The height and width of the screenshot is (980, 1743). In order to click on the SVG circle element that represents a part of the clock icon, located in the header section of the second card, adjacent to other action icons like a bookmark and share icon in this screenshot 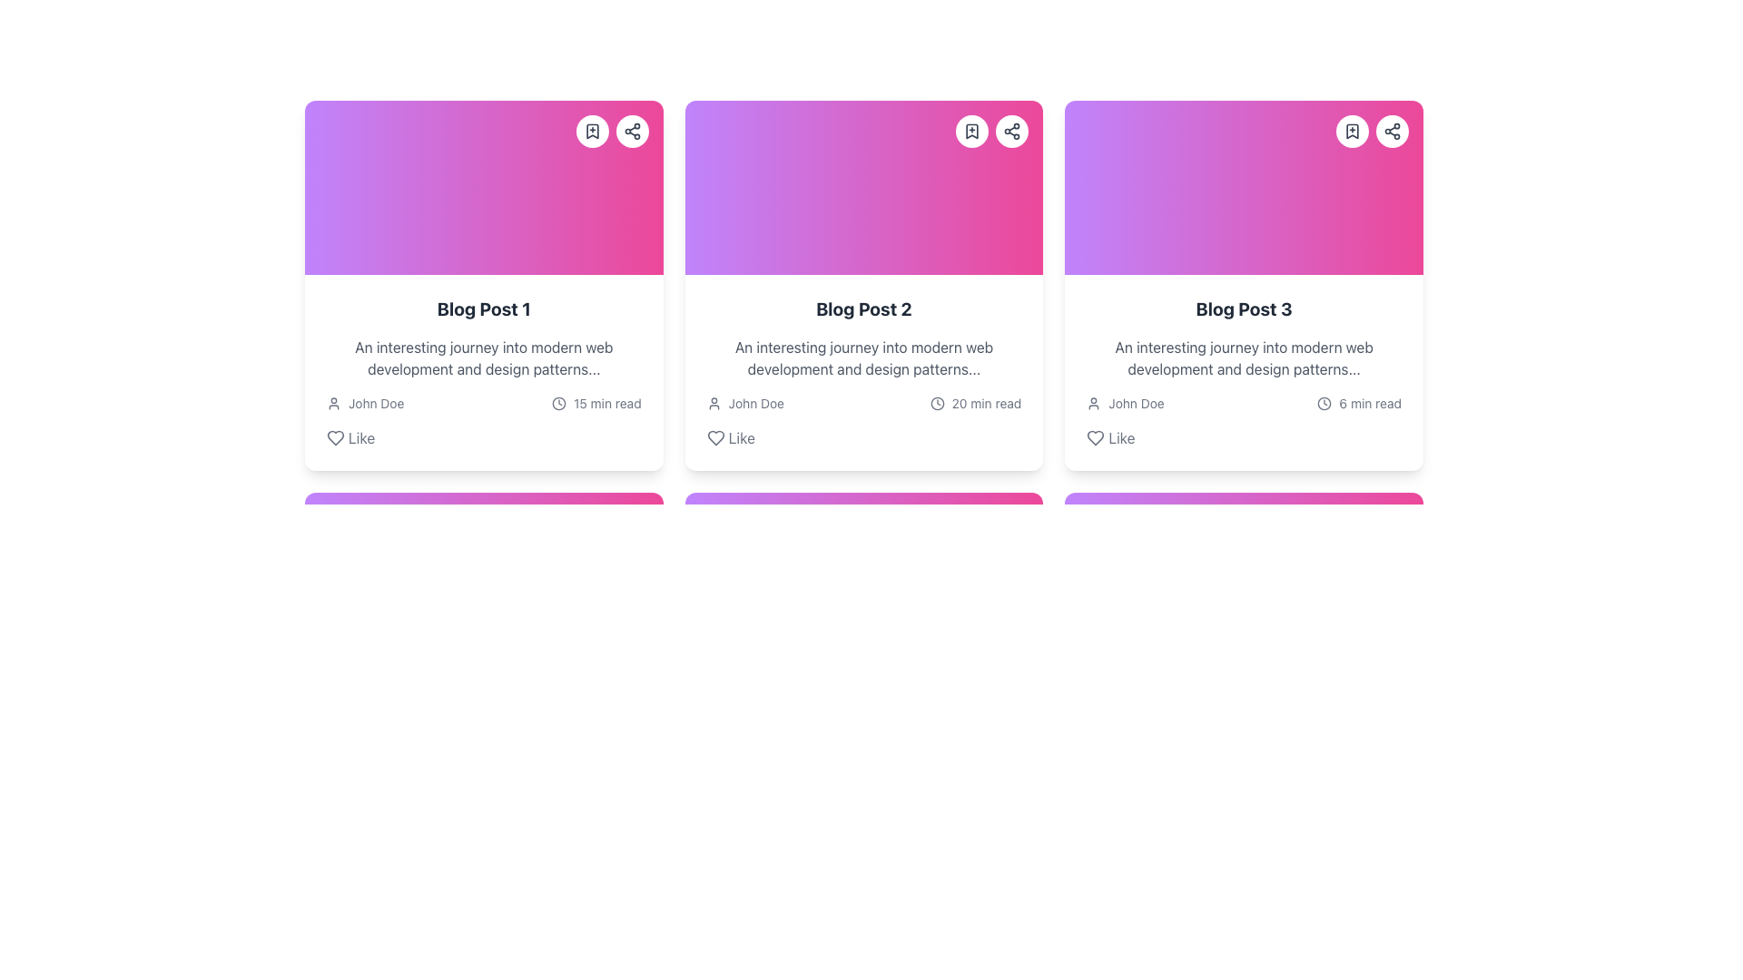, I will do `click(937, 402)`.